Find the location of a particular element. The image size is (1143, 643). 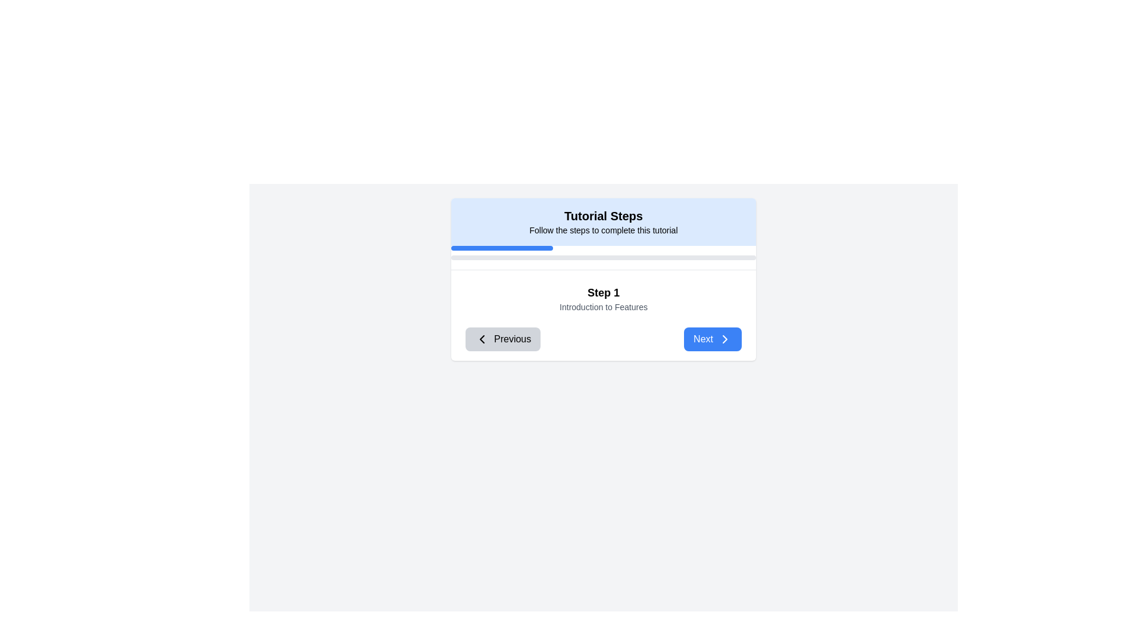

the header text label indicating the current step in the tutorial process, which is positioned above the text 'Introduction to Features' within a blue-bordered panel is located at coordinates (603, 293).